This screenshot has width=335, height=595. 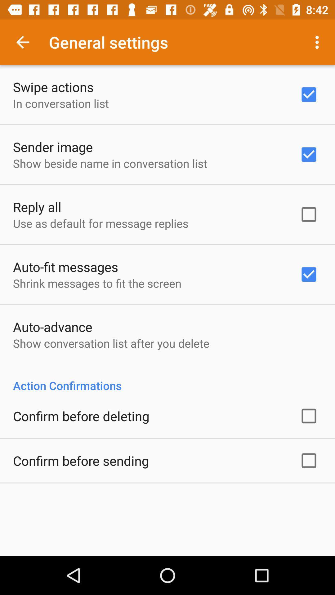 I want to click on app above the show conversation list item, so click(x=52, y=326).